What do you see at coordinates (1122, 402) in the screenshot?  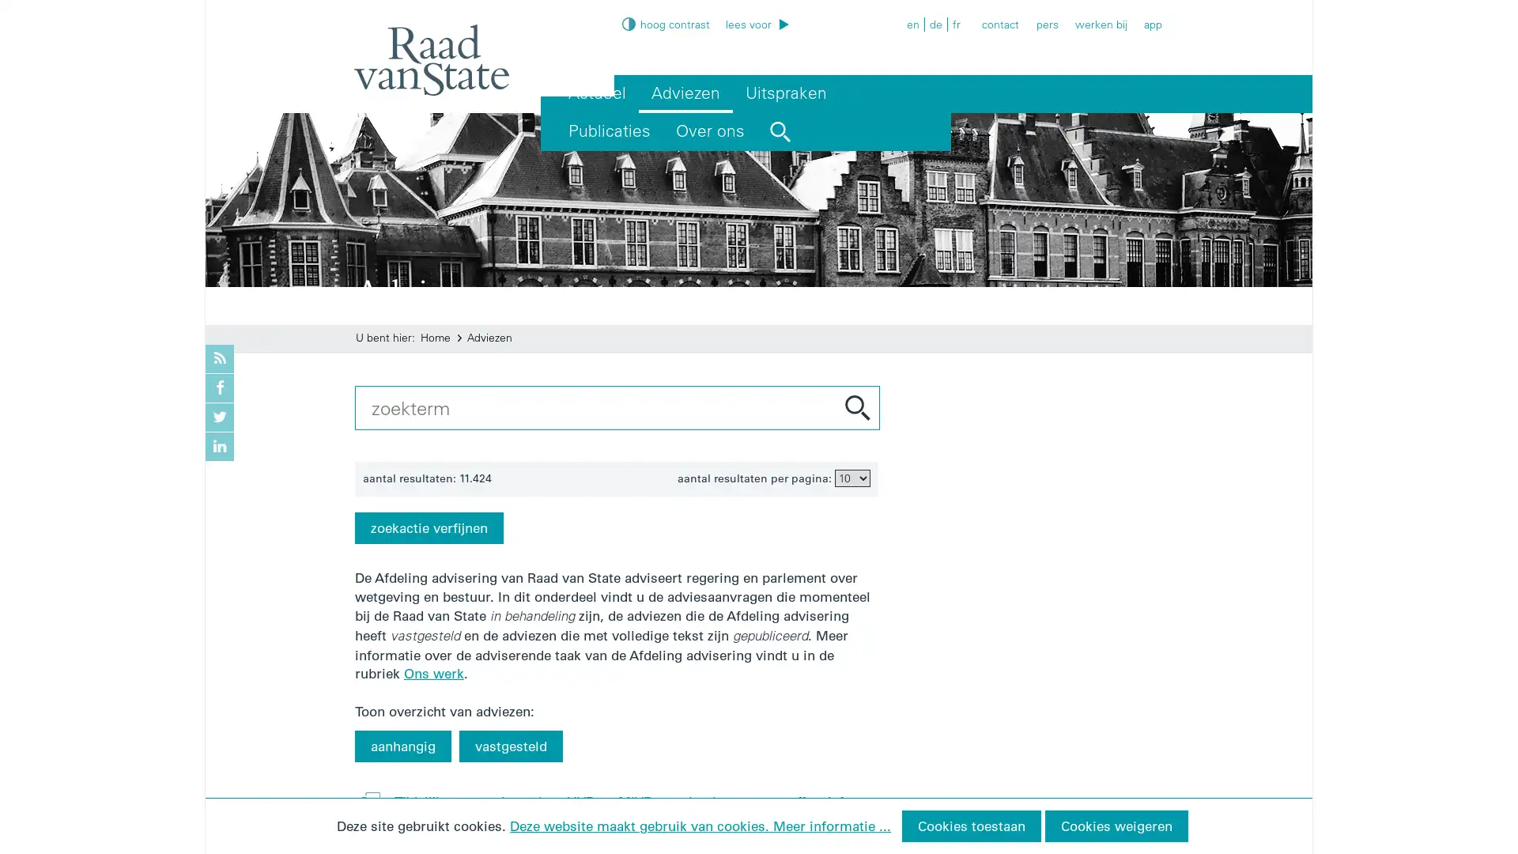 I see `wis selectie` at bounding box center [1122, 402].